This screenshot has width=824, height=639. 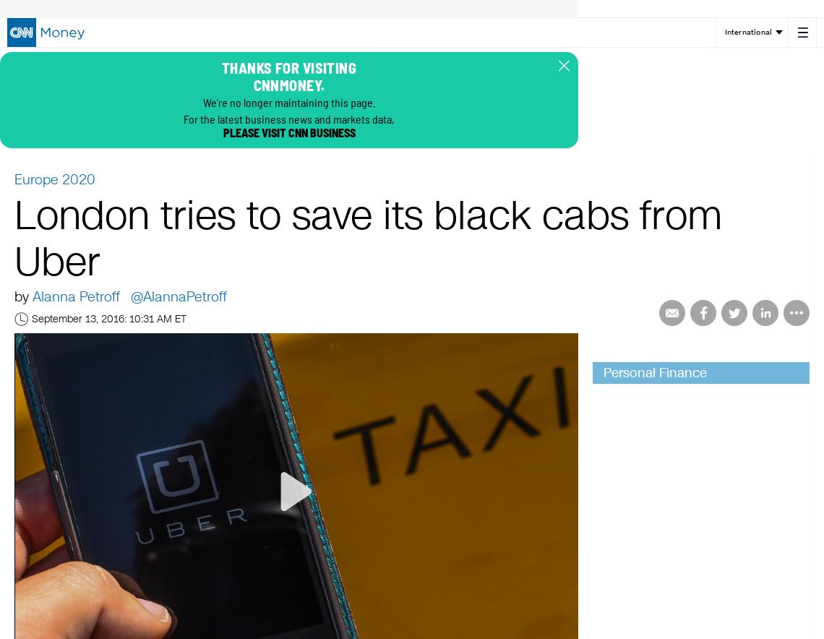 I want to click on 'by', so click(x=23, y=296).